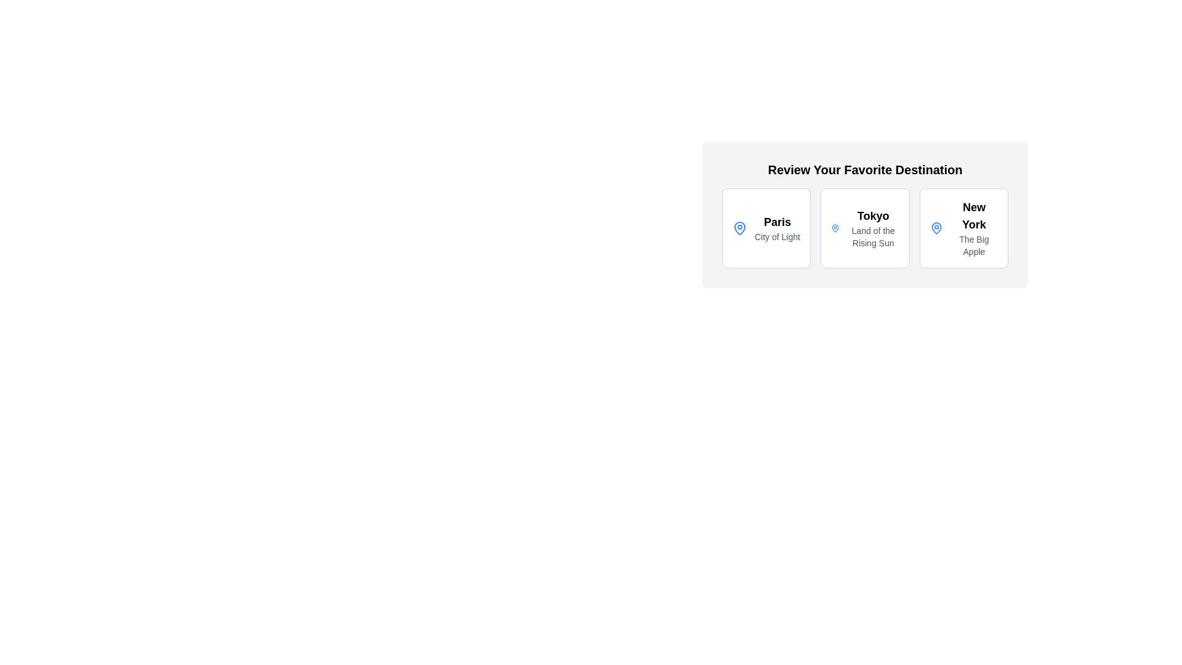  I want to click on text label that displays 'Land of the Rising Sun,' which is located beneath the bold title 'Tokyo' in the middle section of a card-like UI component, so click(872, 237).